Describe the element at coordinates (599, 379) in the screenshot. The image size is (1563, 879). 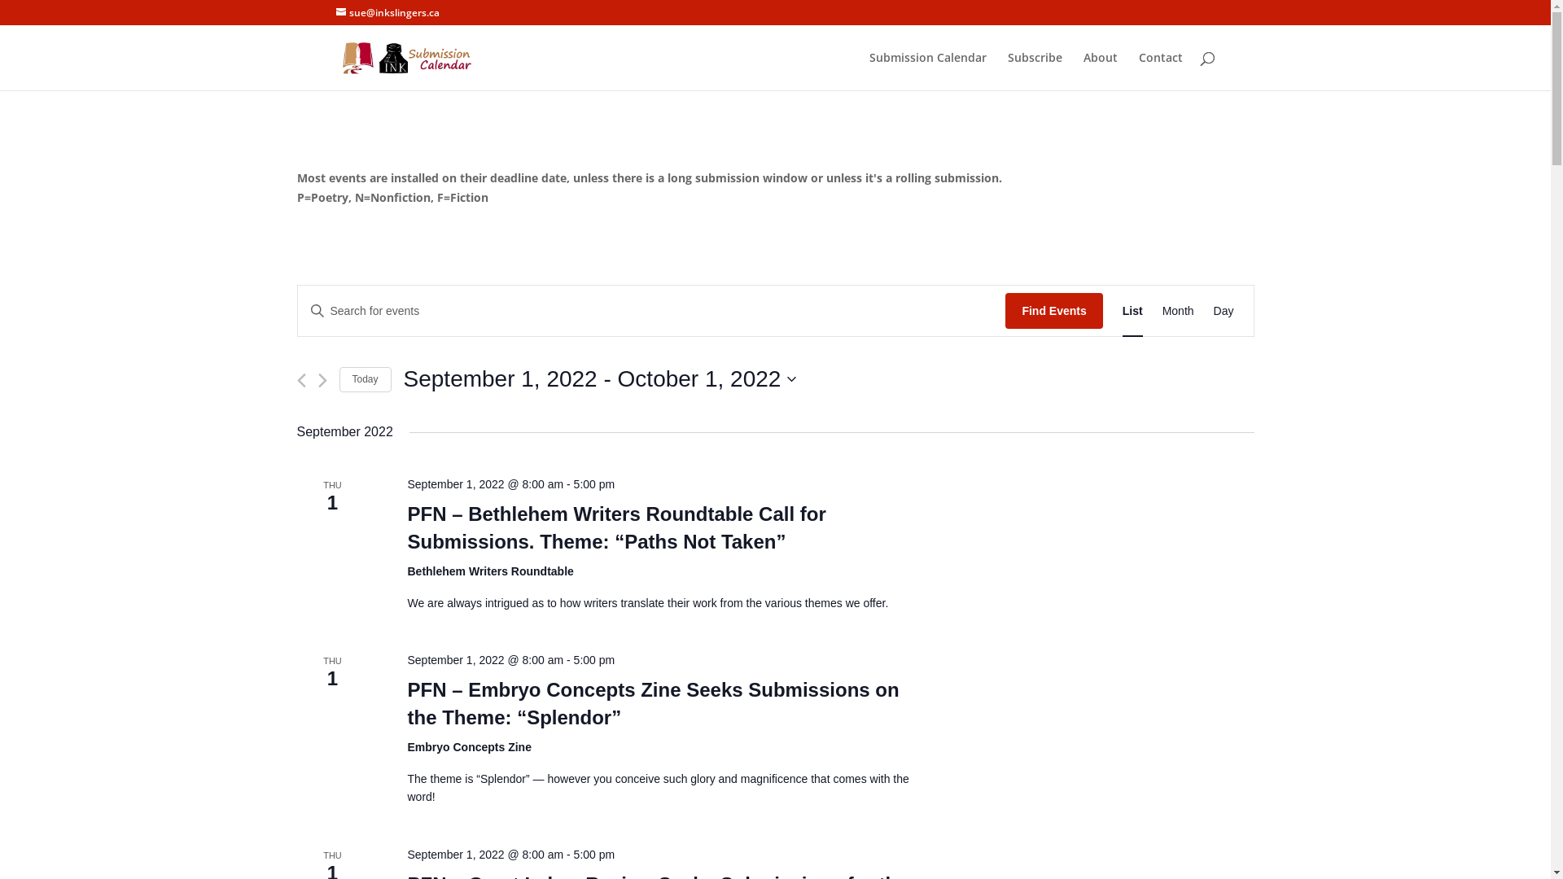
I see `'September 1, 2022` at that location.